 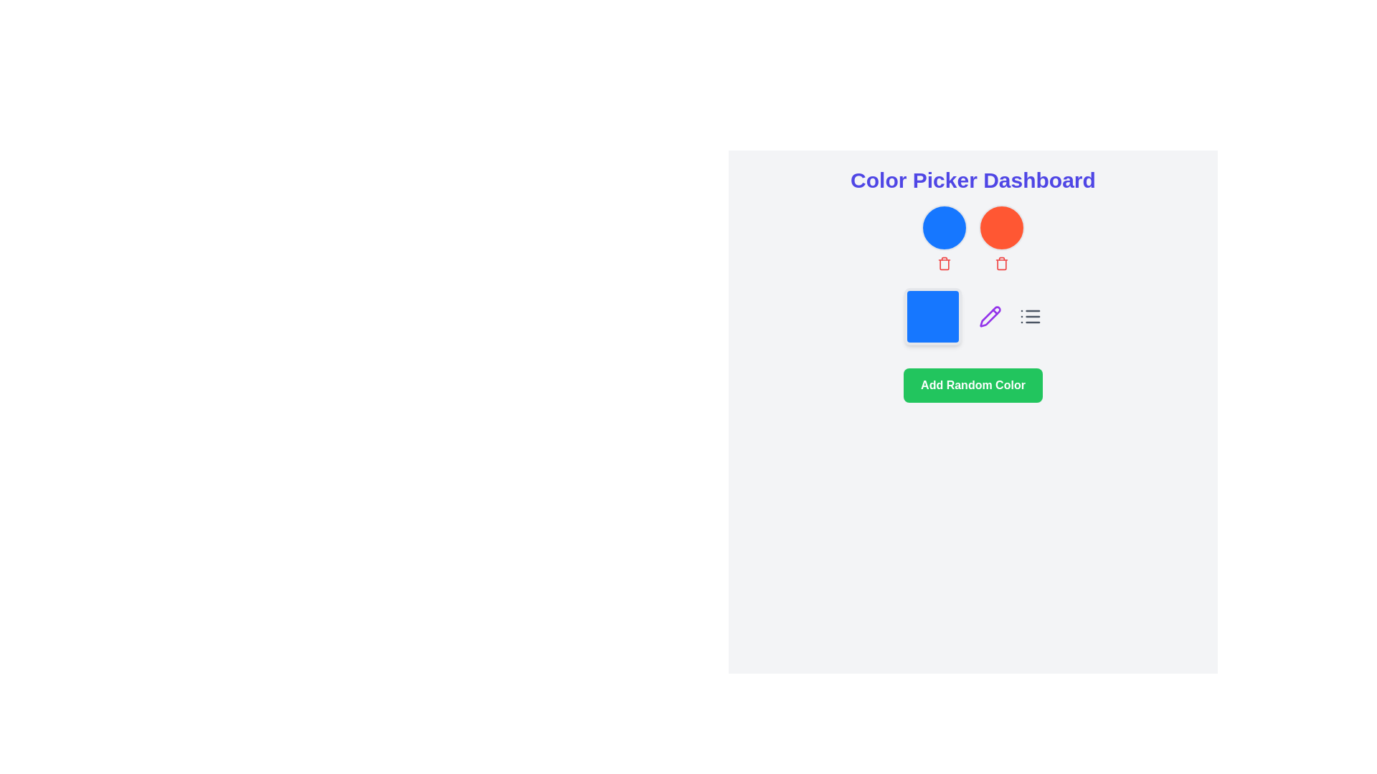 What do you see at coordinates (973, 384) in the screenshot?
I see `the green button labeled 'Add Random Color' located in the 'Color Picker Dashboard' section` at bounding box center [973, 384].